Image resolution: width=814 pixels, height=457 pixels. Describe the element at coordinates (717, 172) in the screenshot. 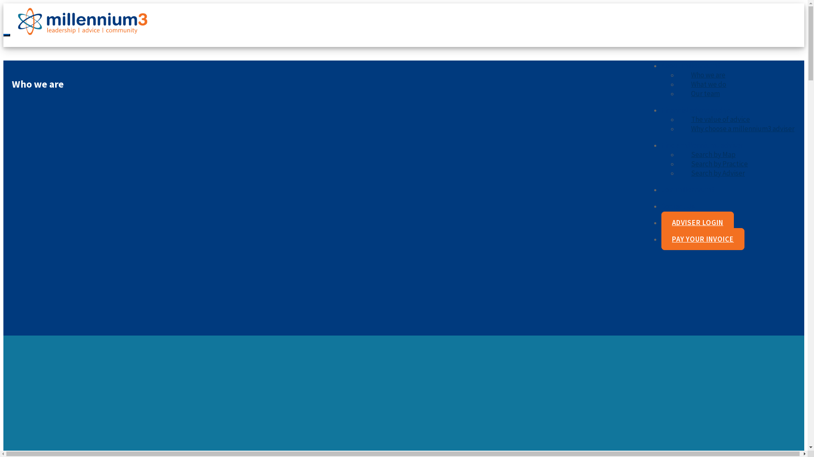

I see `'Search by Adviser'` at that location.